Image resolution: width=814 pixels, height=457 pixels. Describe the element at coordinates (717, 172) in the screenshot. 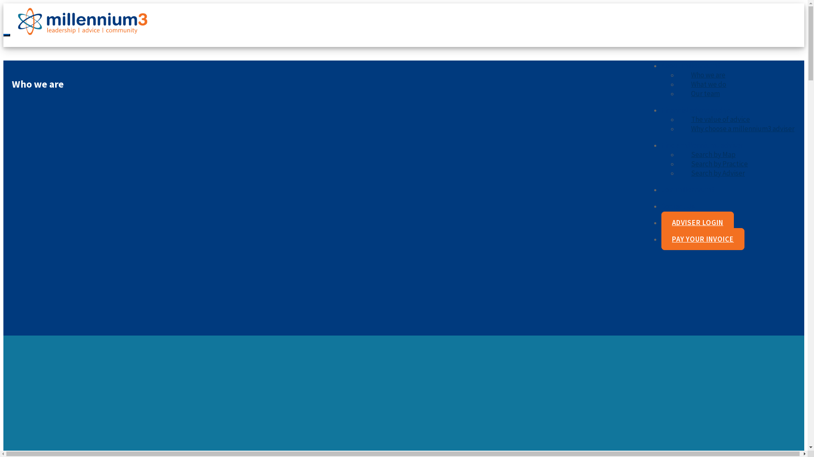

I see `'Search by Adviser'` at that location.